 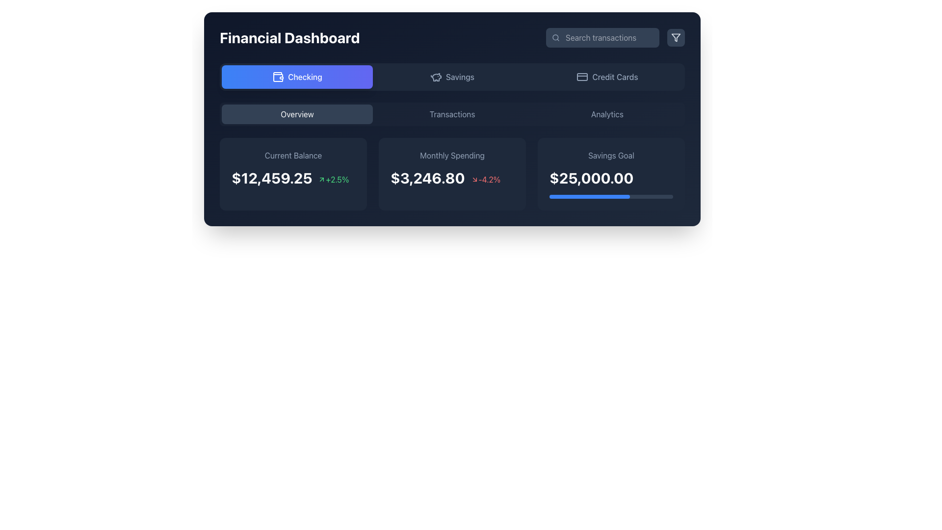 I want to click on the wallet icon representing the 'Checking' category, located to the left of the 'Checking' button in the navigation bar, so click(x=278, y=77).